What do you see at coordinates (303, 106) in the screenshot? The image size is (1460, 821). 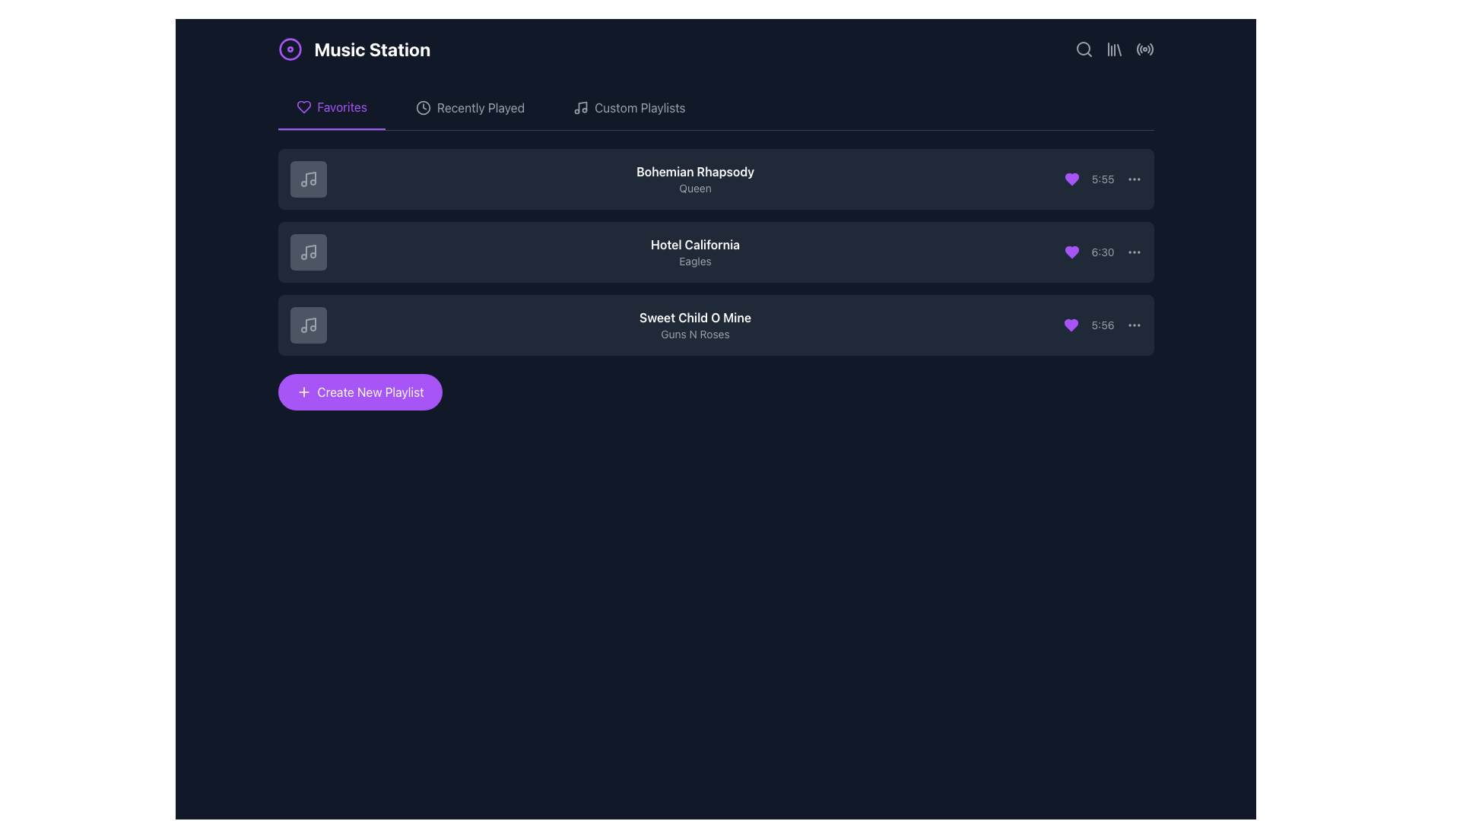 I see `the heart-shaped icon with a purple outline next to the 'Favorites' label at the top-left of the interface` at bounding box center [303, 106].